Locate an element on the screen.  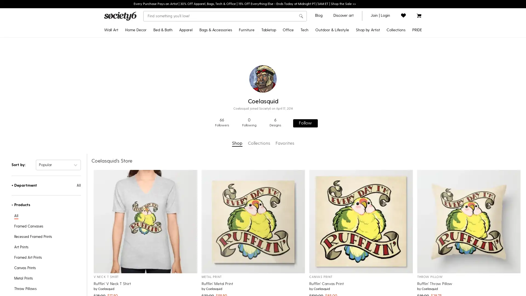
Laptop Skins is located at coordinates (324, 132).